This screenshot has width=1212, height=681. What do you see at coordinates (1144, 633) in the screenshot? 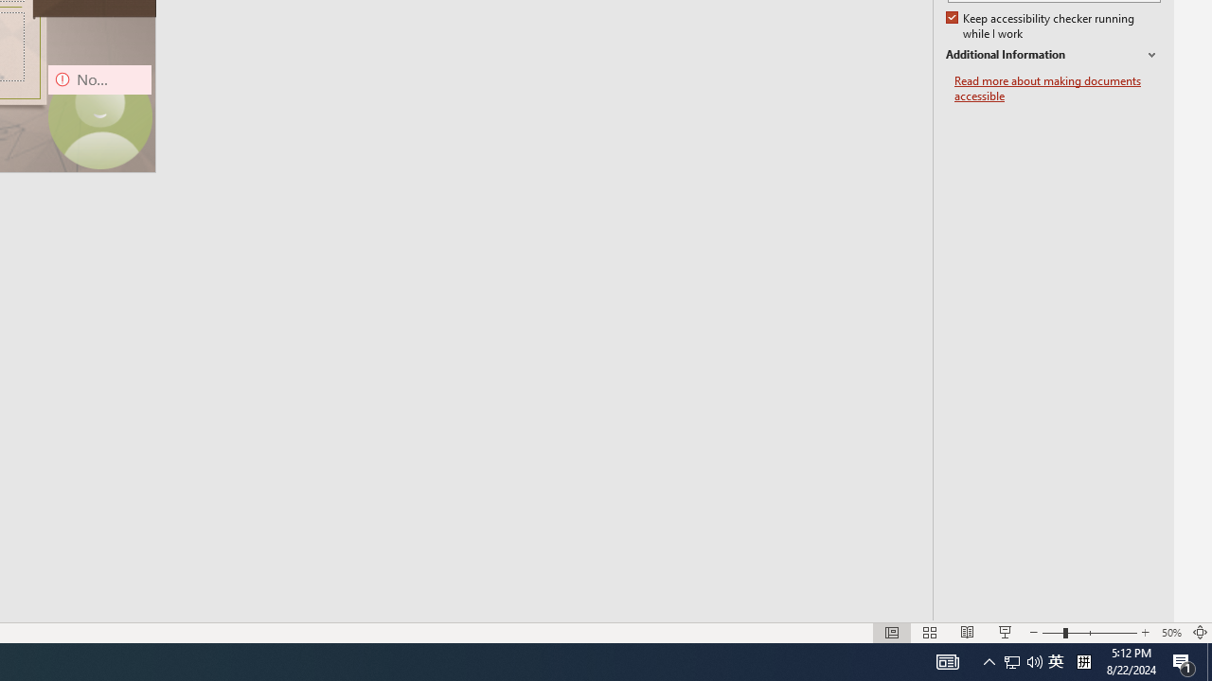
I see `'Zoom In'` at bounding box center [1144, 633].